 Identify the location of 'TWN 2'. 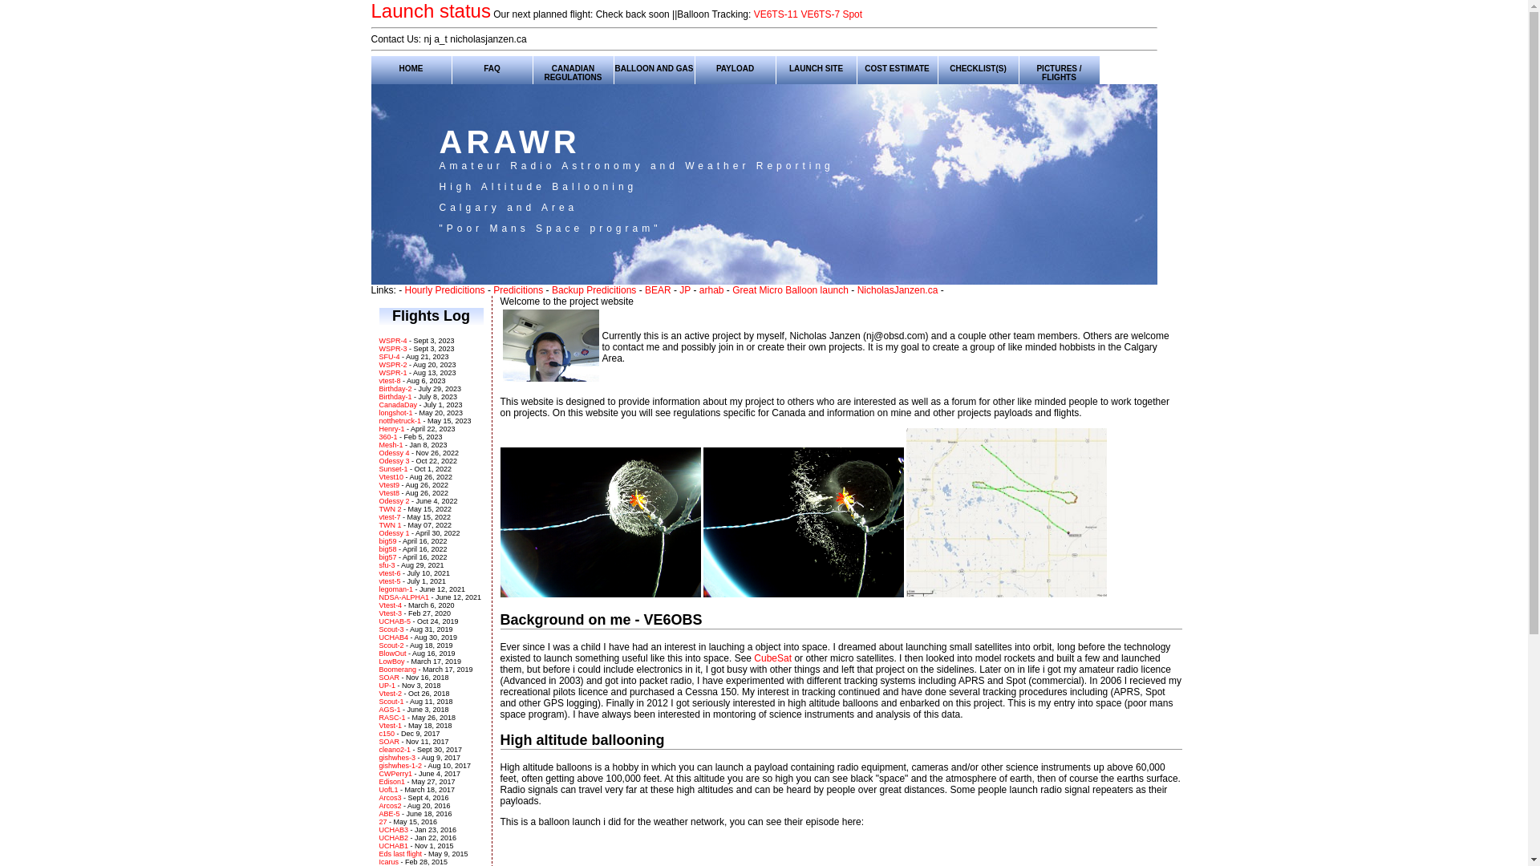
(389, 509).